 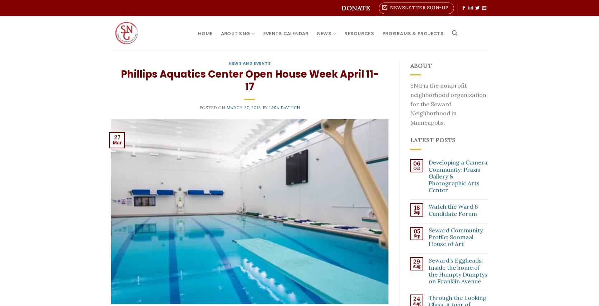 What do you see at coordinates (250, 63) in the screenshot?
I see `'News and Events'` at bounding box center [250, 63].